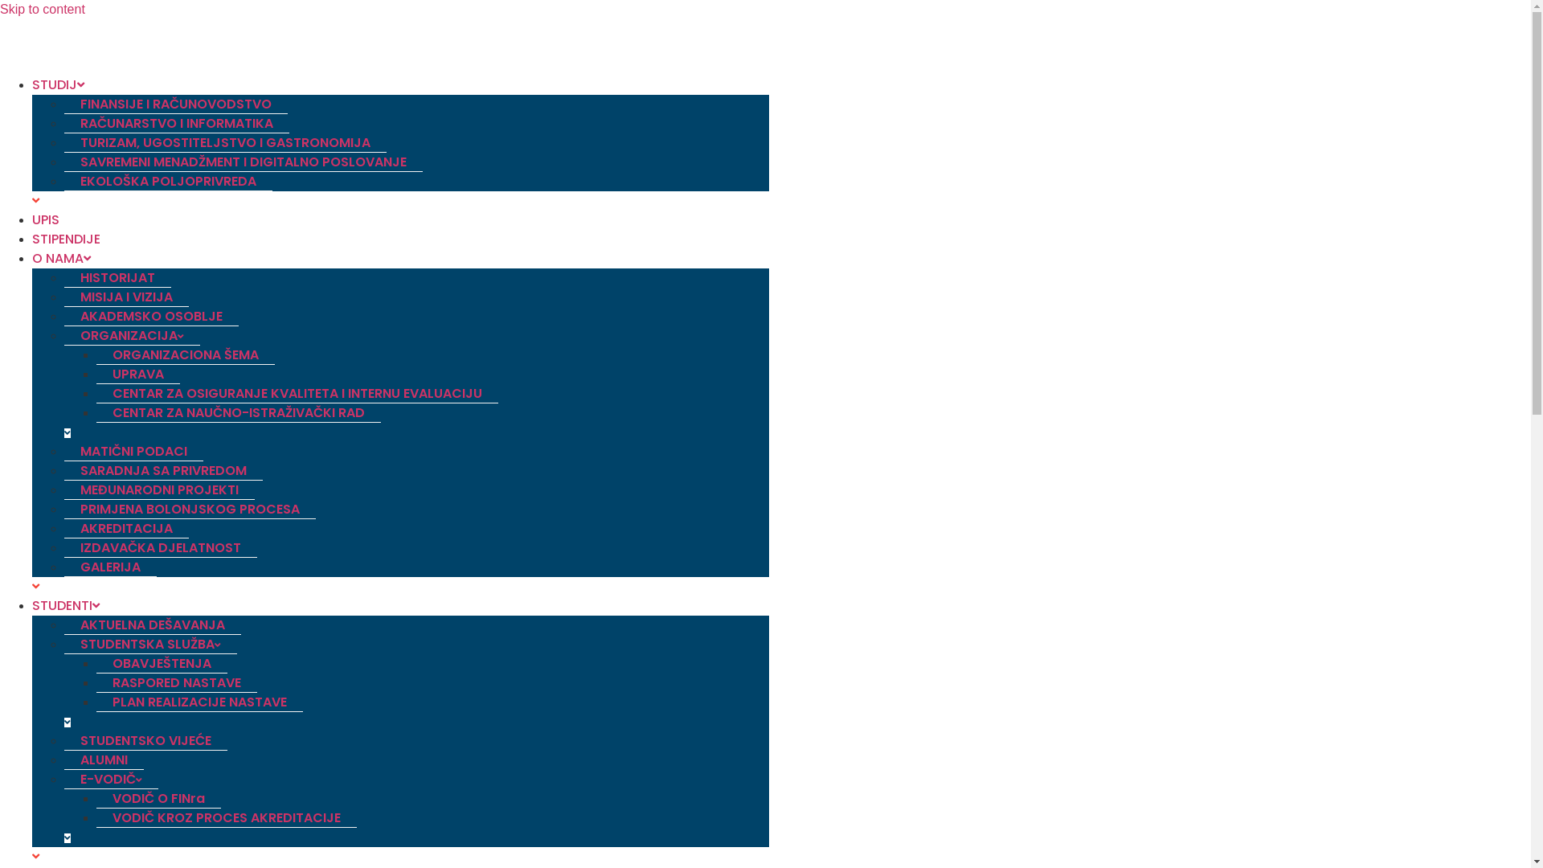 Image resolution: width=1543 pixels, height=868 pixels. I want to click on 'O NAMA', so click(61, 257).